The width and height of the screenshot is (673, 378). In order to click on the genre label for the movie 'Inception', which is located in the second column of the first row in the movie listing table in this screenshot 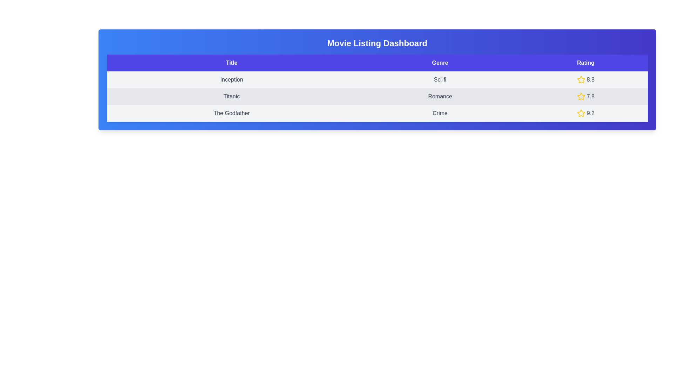, I will do `click(440, 79)`.